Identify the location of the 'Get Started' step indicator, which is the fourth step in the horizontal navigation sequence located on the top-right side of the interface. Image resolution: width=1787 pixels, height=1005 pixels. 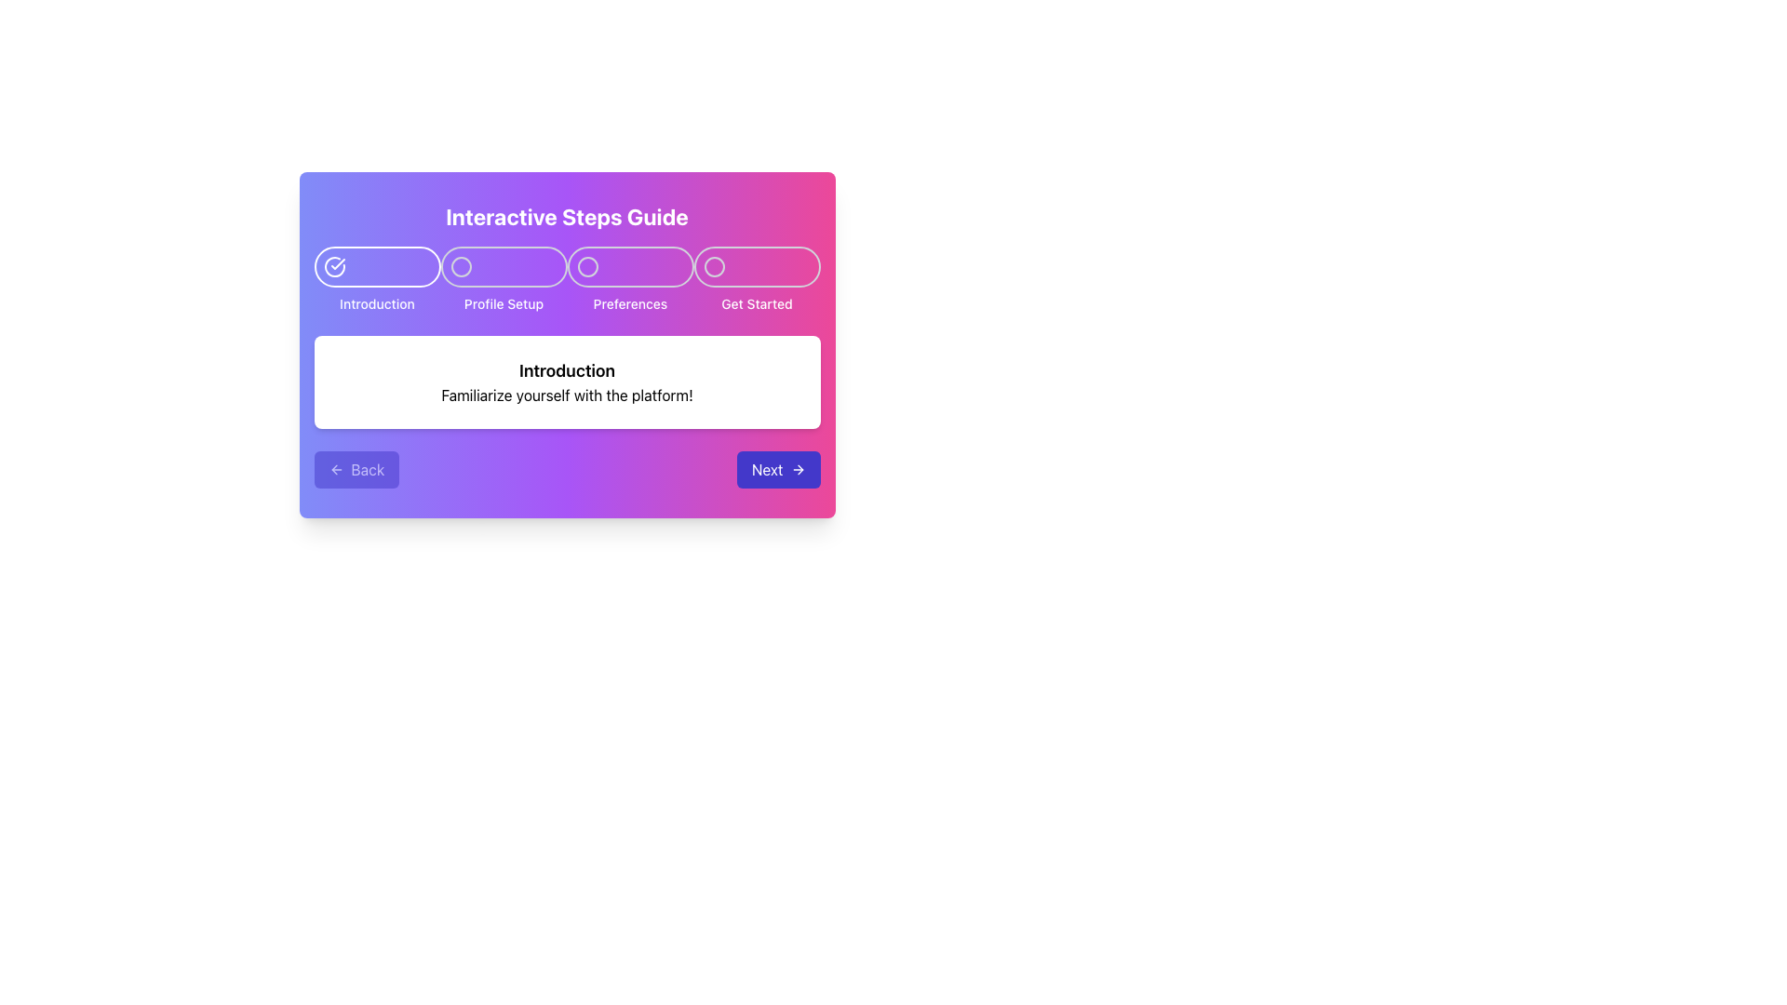
(757, 279).